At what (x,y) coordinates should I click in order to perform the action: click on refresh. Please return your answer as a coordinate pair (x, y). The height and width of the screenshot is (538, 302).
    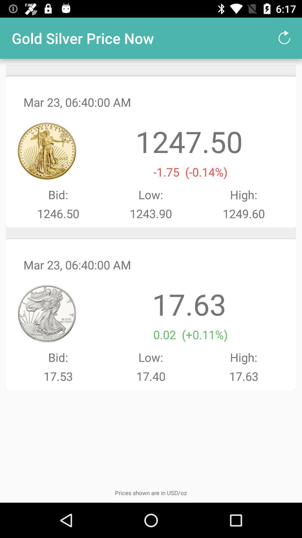
    Looking at the image, I should click on (284, 38).